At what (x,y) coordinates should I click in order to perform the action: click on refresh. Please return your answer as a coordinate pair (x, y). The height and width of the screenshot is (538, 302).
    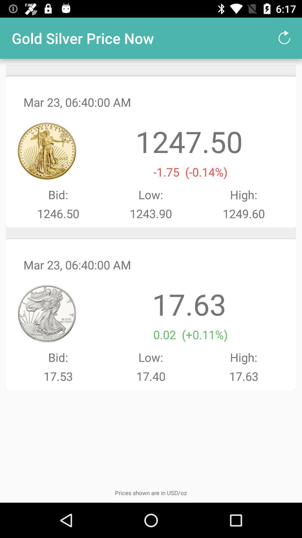
    Looking at the image, I should click on (284, 38).